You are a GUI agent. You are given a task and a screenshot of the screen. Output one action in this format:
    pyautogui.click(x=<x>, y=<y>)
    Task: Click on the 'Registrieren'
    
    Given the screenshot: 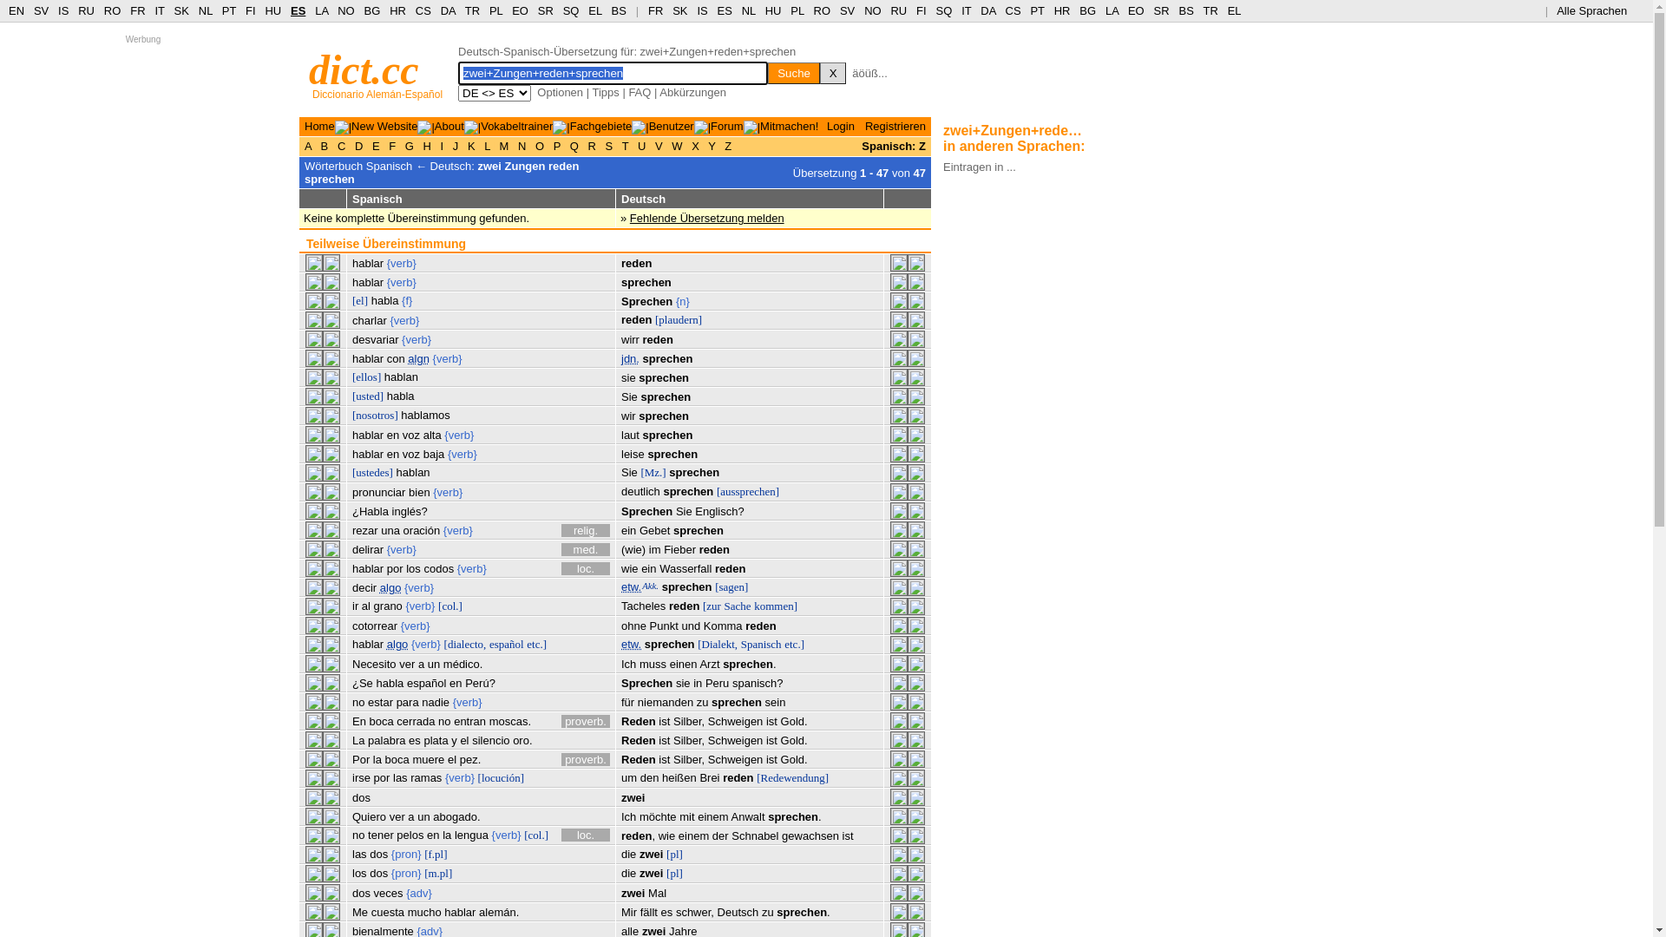 What is the action you would take?
    pyautogui.click(x=895, y=125)
    